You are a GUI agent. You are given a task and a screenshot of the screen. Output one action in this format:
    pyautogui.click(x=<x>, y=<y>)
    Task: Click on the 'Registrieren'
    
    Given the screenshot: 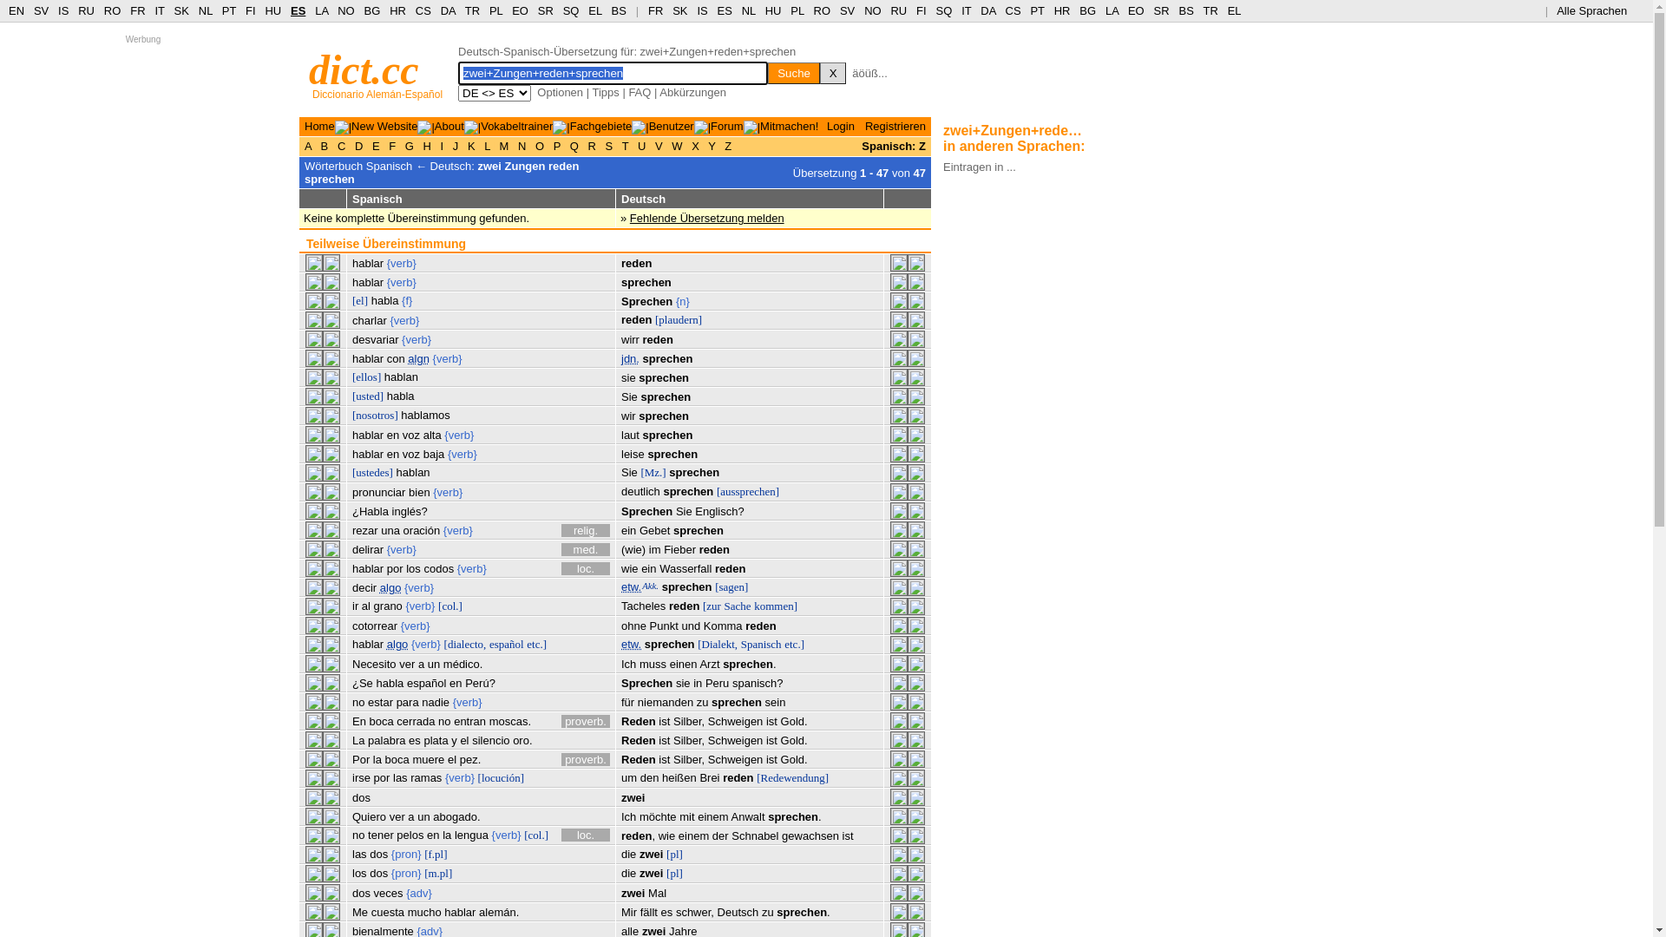 What is the action you would take?
    pyautogui.click(x=895, y=125)
    